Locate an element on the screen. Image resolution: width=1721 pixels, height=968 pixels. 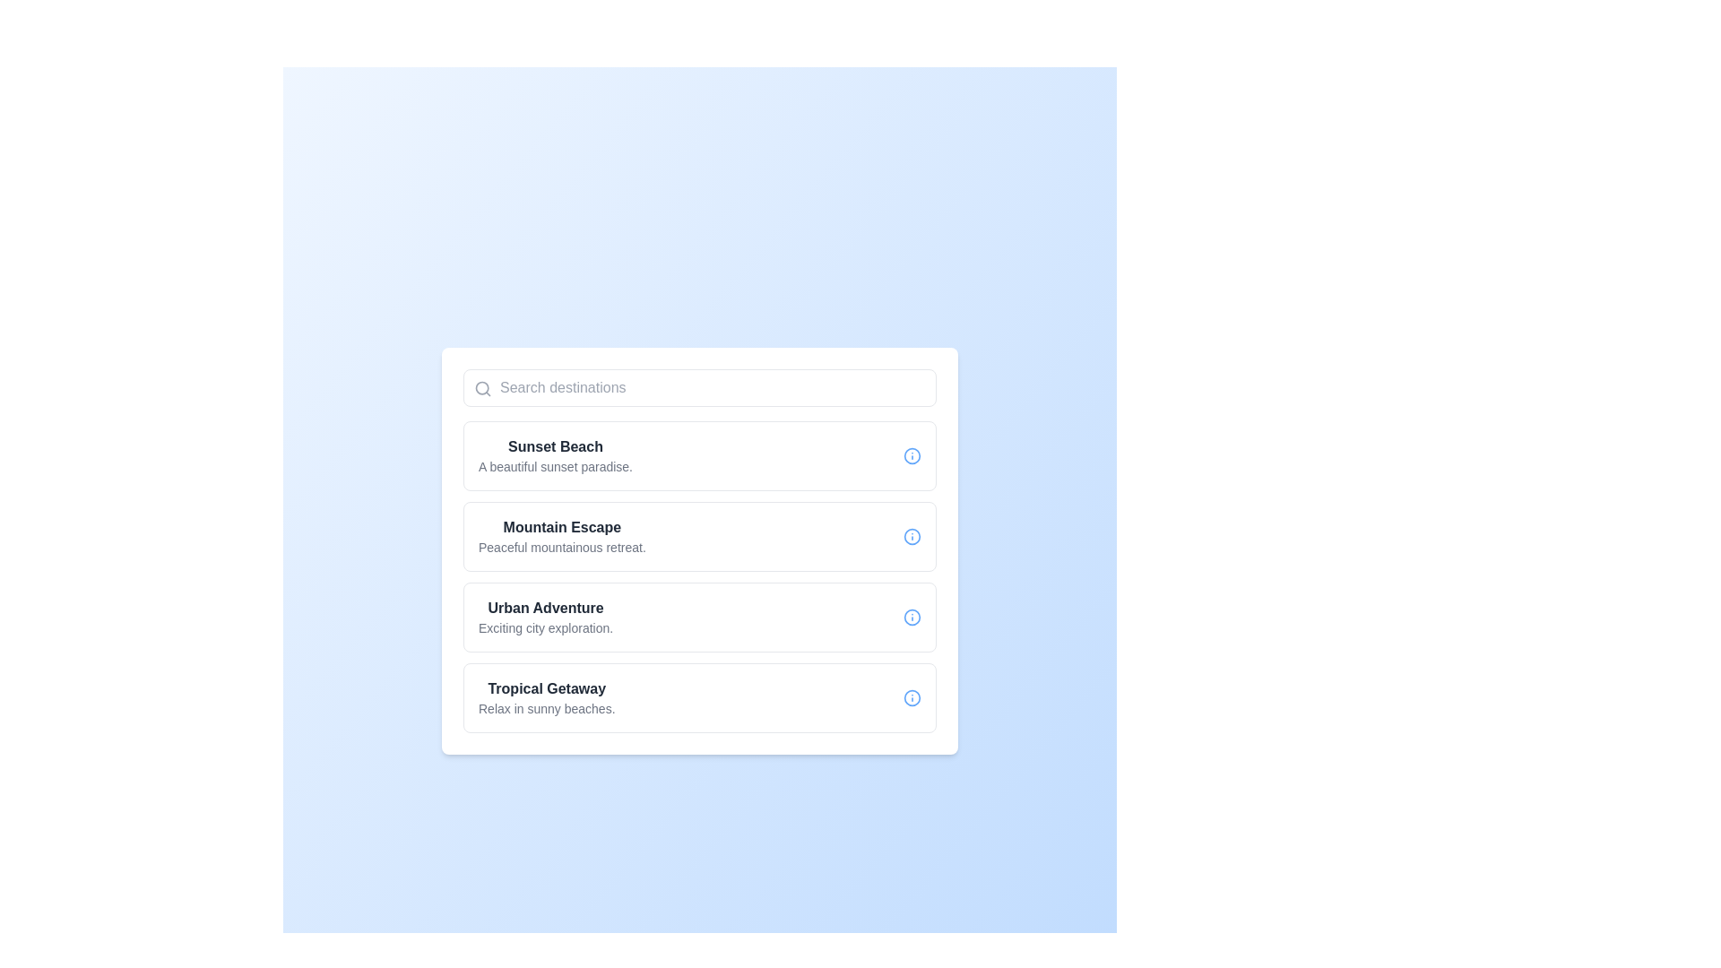
the search functionality icon located on the left side of the search field, positioned at the upper left corner within the input box is located at coordinates (482, 388).